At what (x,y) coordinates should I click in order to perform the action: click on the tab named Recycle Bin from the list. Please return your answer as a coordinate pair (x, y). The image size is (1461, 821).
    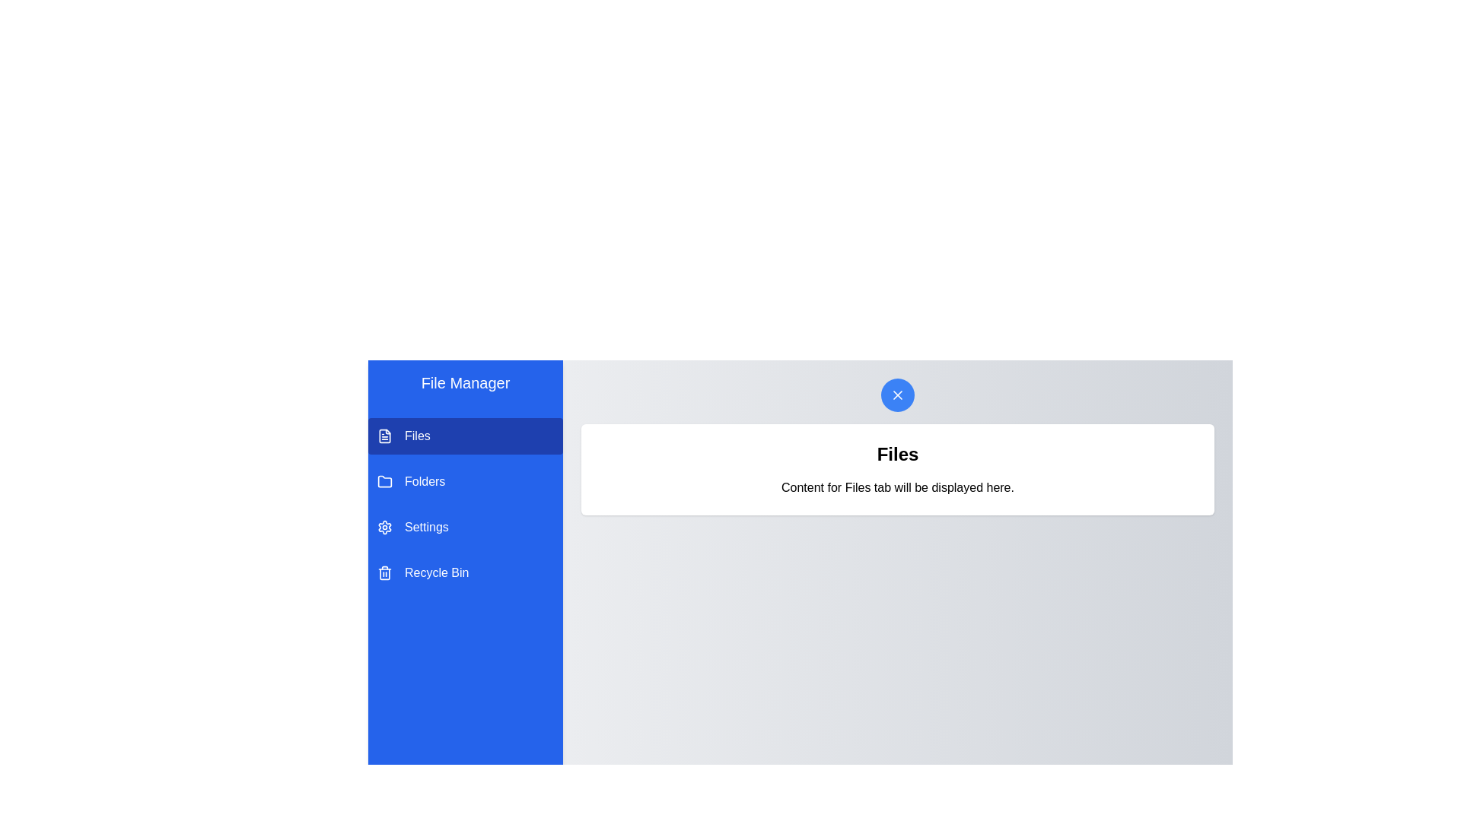
    Looking at the image, I should click on (464, 572).